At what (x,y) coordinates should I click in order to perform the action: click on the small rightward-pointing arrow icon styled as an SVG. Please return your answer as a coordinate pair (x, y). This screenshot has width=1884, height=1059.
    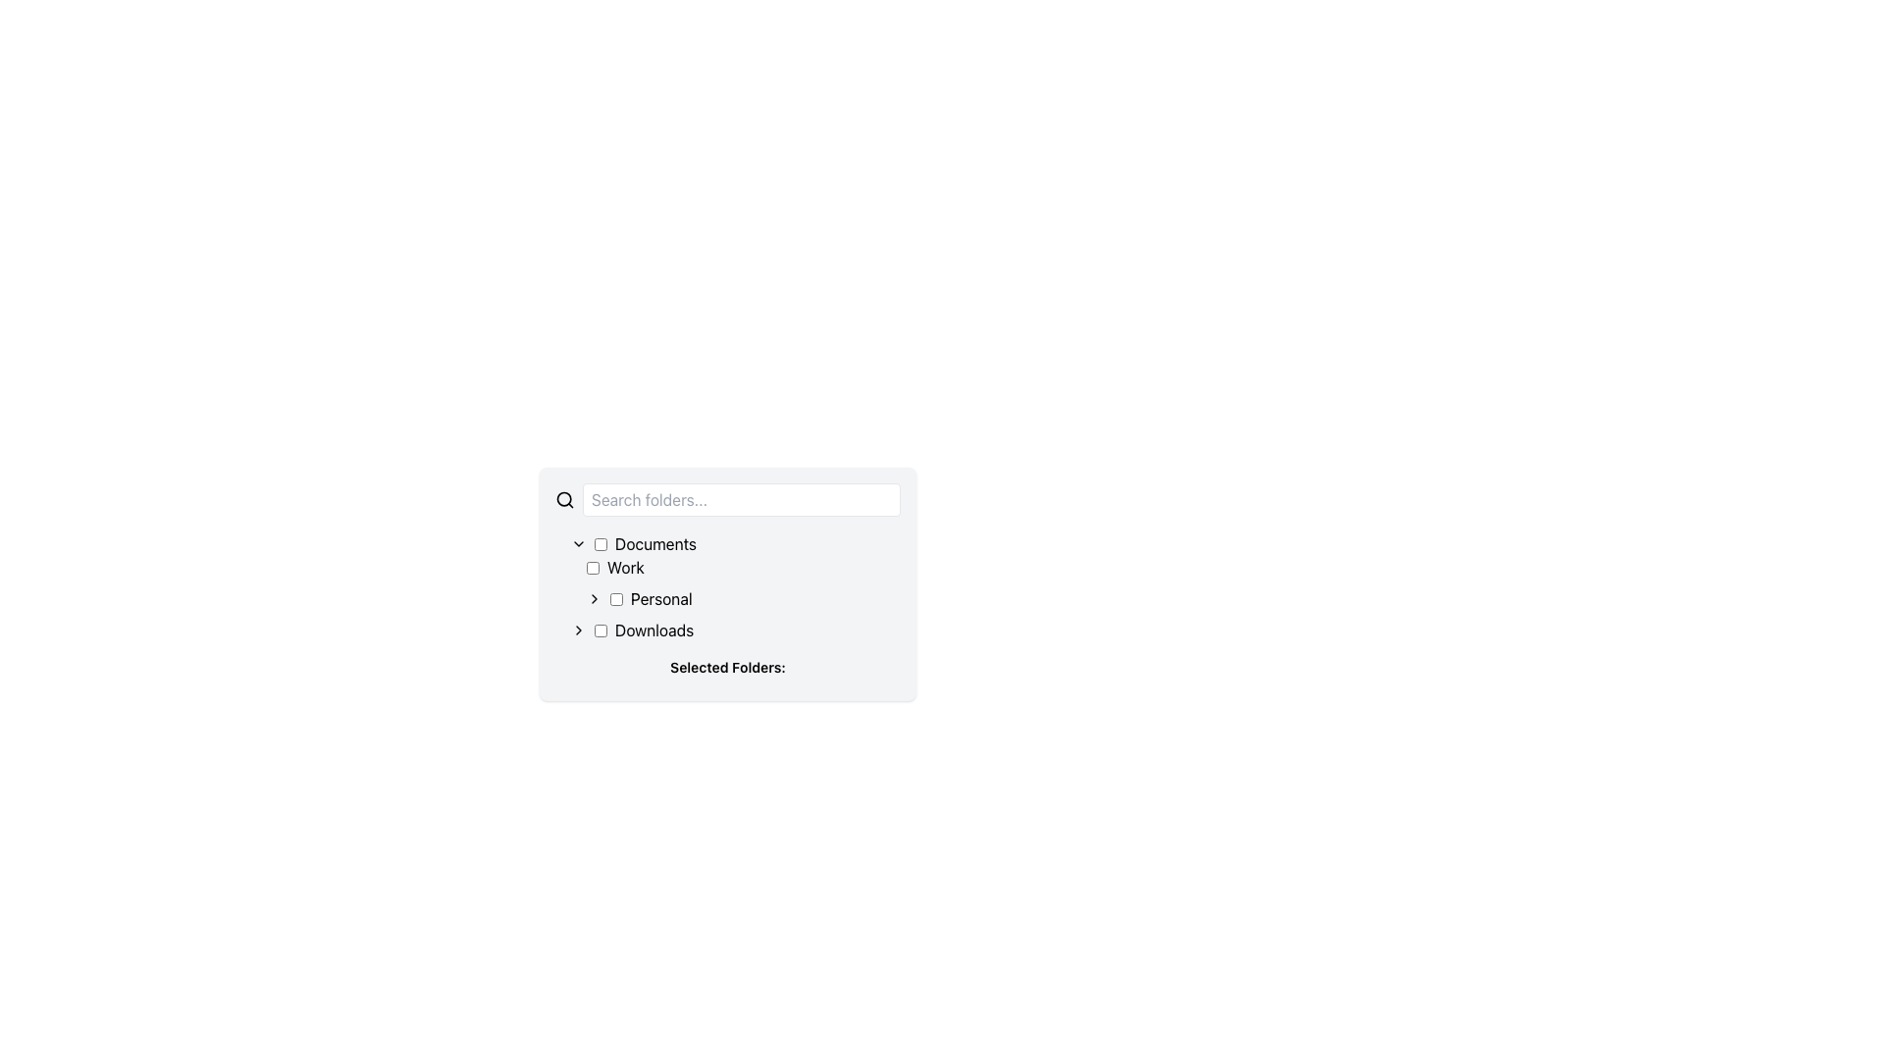
    Looking at the image, I should click on (593, 597).